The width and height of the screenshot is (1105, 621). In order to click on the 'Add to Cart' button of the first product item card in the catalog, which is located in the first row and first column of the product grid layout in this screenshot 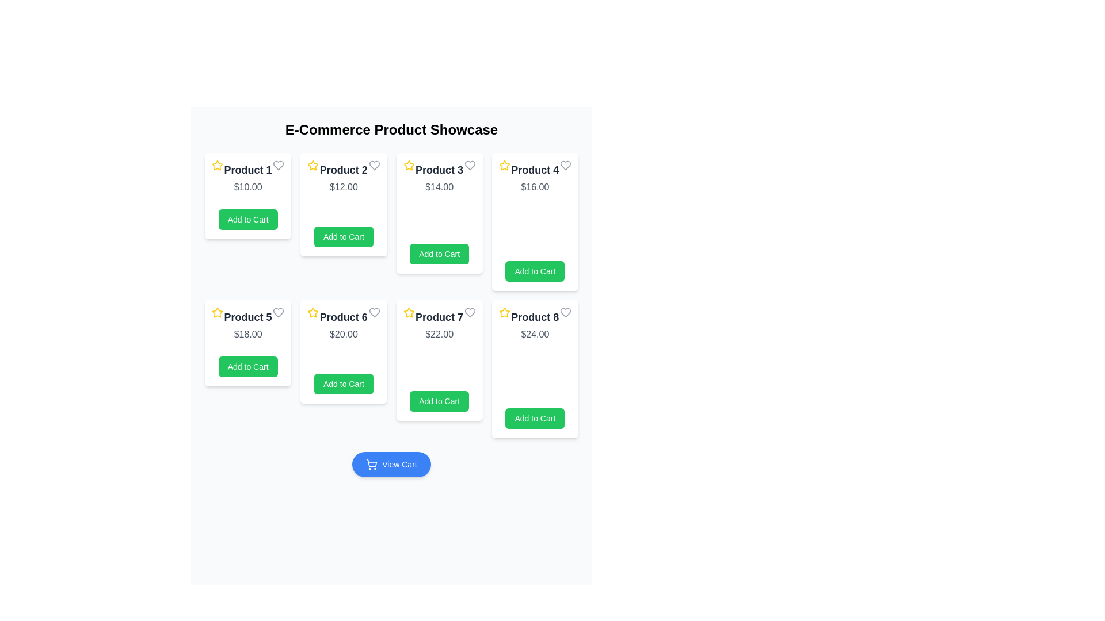, I will do `click(247, 195)`.